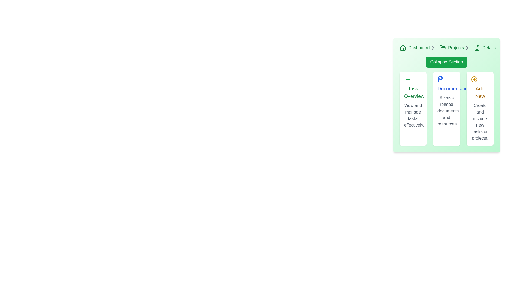  I want to click on the 'Task Overview' text label, which is a medium green font styled in bold sans-serif, located within a card layout near the top-left of a group of three similar cards, so click(413, 92).